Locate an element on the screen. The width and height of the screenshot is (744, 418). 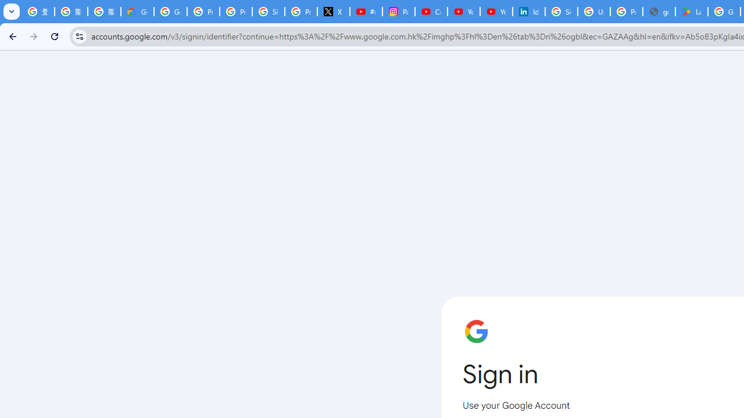
'Google Cloud Privacy Notice' is located at coordinates (137, 12).